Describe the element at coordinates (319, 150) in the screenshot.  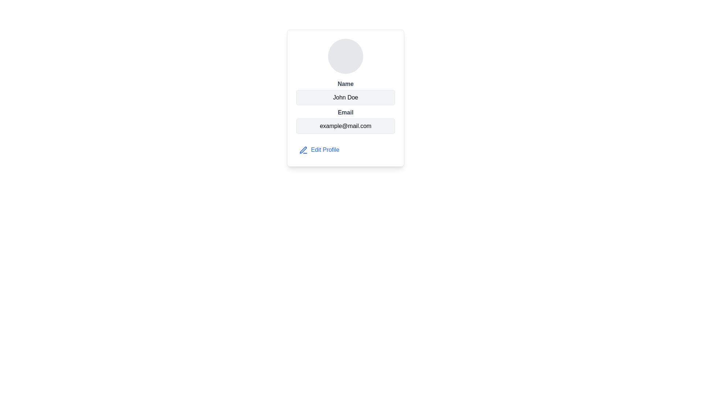
I see `the button located at the bottom-left section of the user's profile card to initiate profile editing` at that location.